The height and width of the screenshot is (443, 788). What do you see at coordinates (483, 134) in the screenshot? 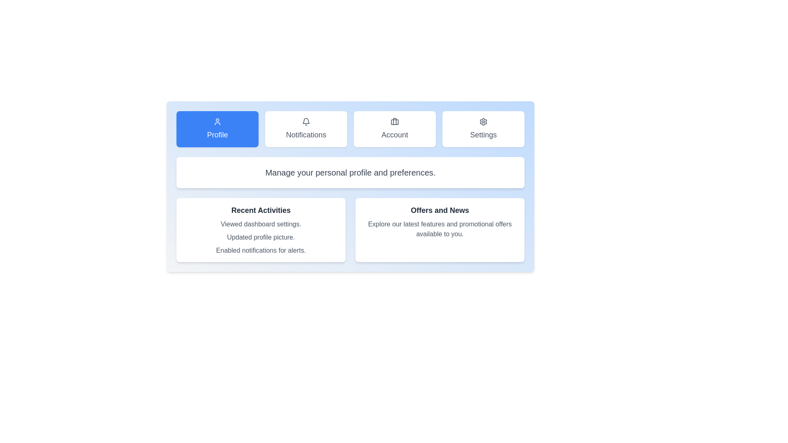
I see `the static text label that indicates the settings button located in the top-right corner of the main interface, positioned below the gear icon` at bounding box center [483, 134].